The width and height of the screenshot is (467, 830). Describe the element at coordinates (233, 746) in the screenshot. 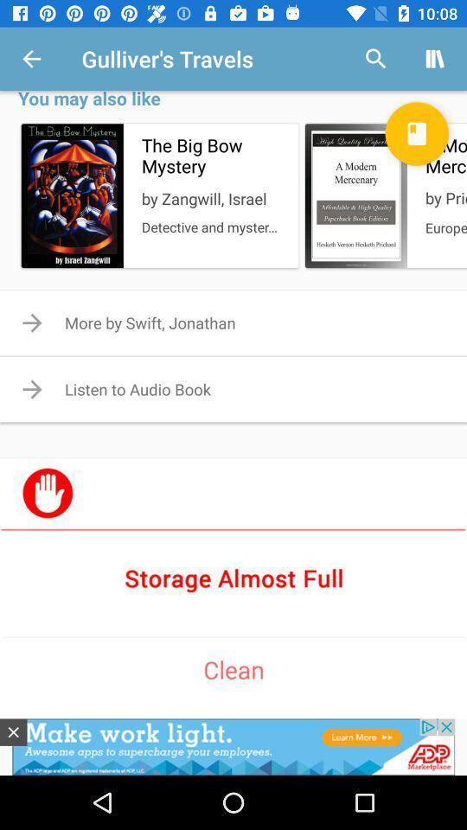

I see `advertisement` at that location.